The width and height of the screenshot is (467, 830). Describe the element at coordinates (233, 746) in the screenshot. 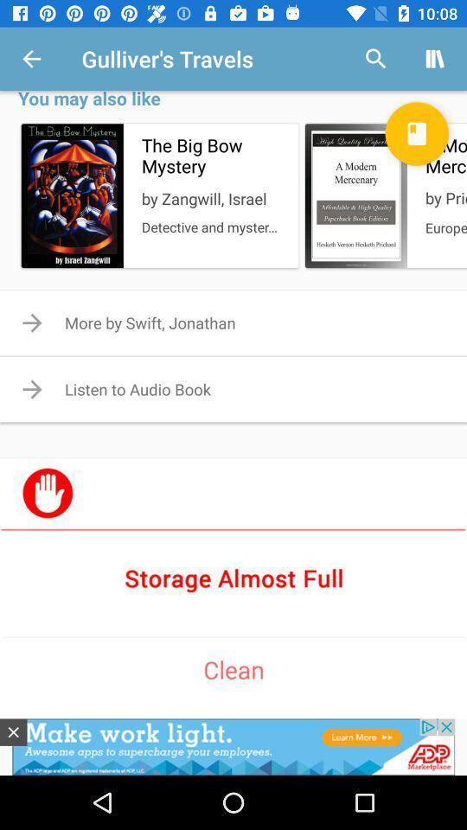

I see `advertisement` at that location.